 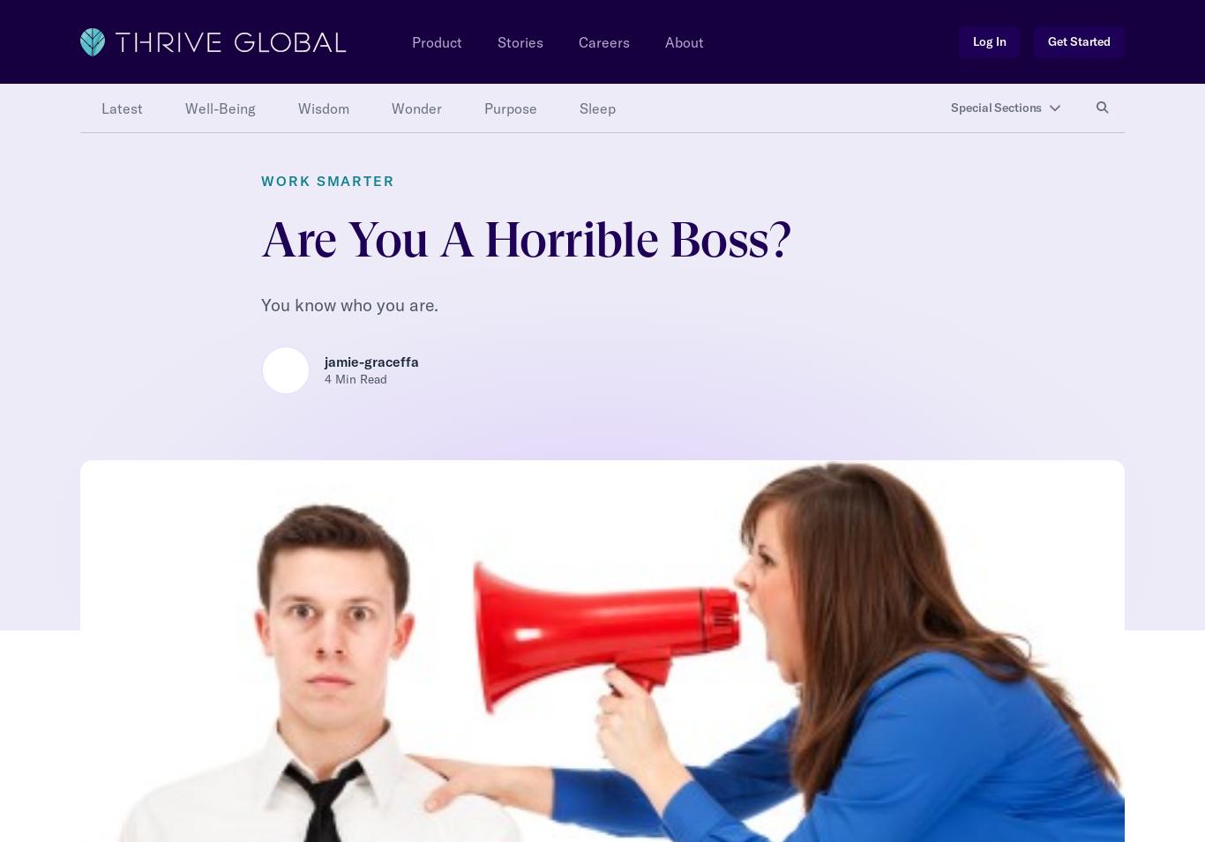 What do you see at coordinates (589, 336) in the screenshot?
I see `'· Get specifics aspect of your behaviors. You can do this via a 360 assessment, third party interviews or direct feedback. It’s important to know exactly what you need to change.'` at bounding box center [589, 336].